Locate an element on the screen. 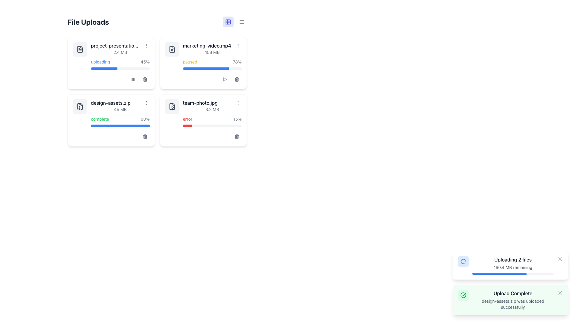 The width and height of the screenshot is (578, 325). the static text that indicates the upload process has completed successfully, located in the lower right corner of the notification box is located at coordinates (513, 293).